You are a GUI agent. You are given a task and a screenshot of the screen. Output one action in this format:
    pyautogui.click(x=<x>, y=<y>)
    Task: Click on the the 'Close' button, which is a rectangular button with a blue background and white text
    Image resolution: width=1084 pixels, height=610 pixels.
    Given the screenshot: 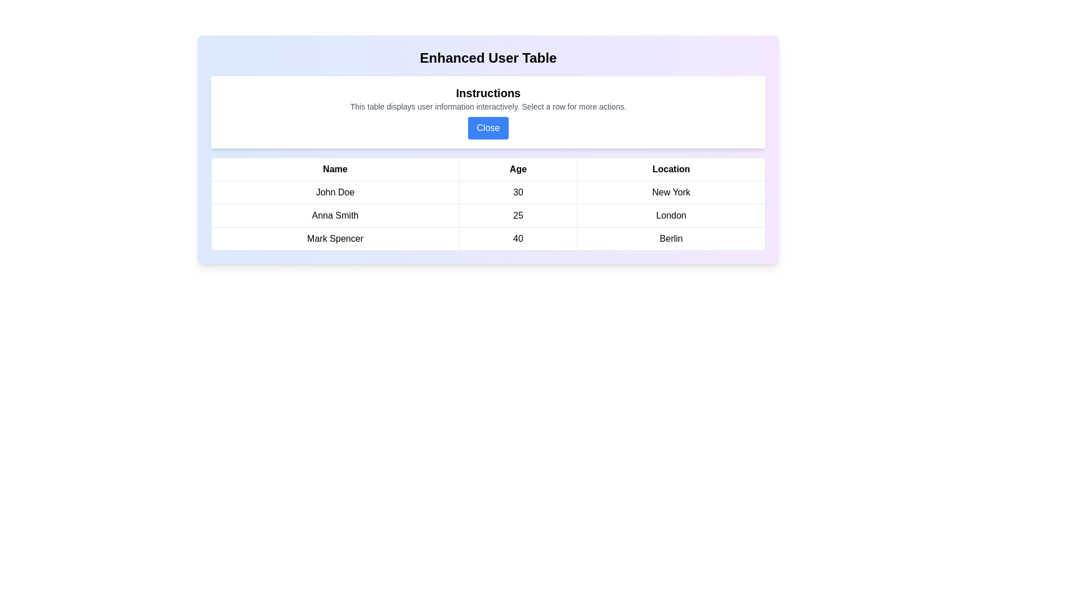 What is the action you would take?
    pyautogui.click(x=488, y=128)
    